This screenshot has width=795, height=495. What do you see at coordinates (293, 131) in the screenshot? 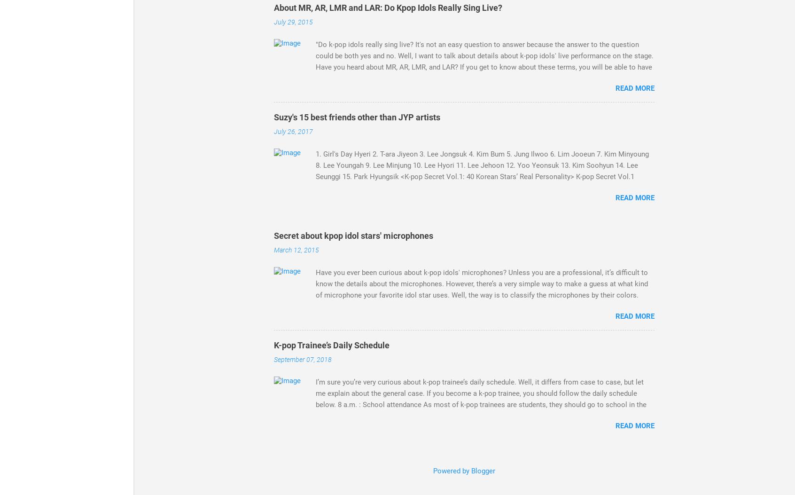
I see `'July 26, 2017'` at bounding box center [293, 131].